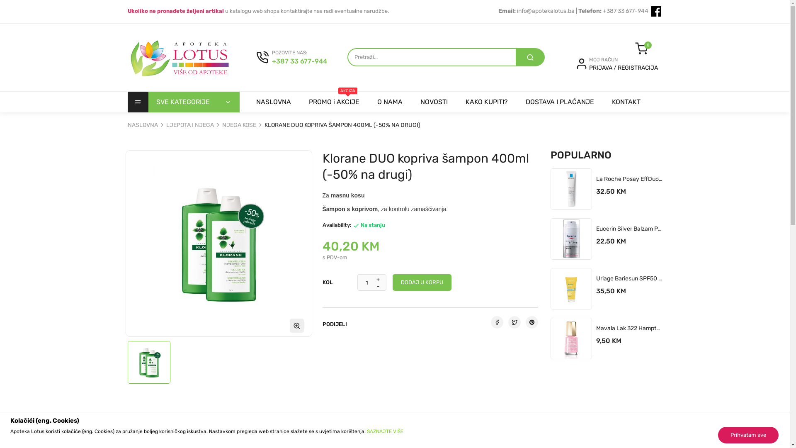 The height and width of the screenshot is (448, 796). Describe the element at coordinates (626, 102) in the screenshot. I see `'KONTAKT'` at that location.